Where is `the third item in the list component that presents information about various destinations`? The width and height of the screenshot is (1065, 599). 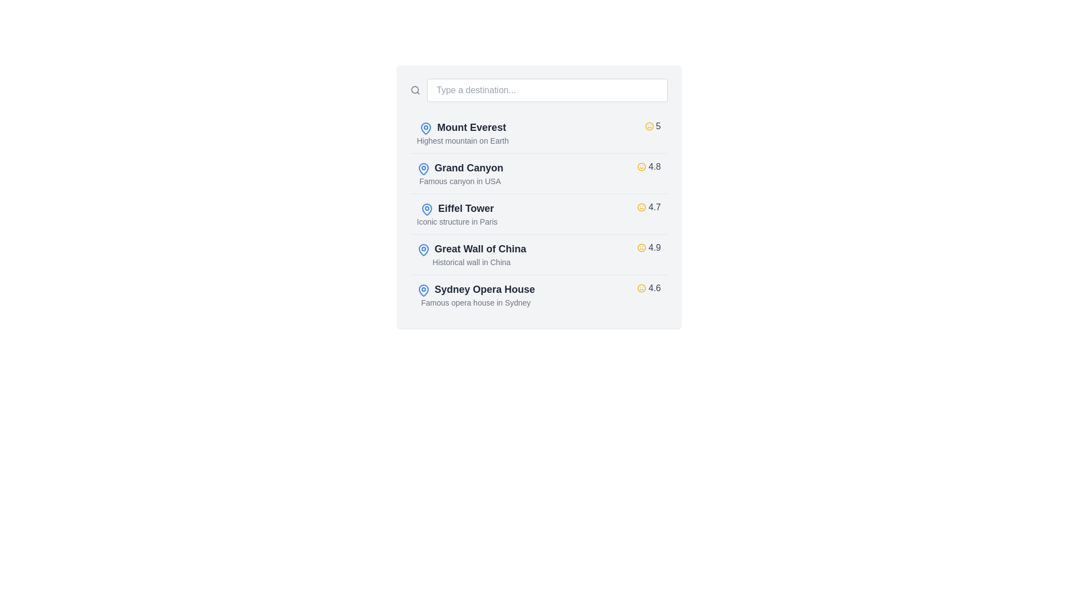 the third item in the list component that presents information about various destinations is located at coordinates (539, 196).